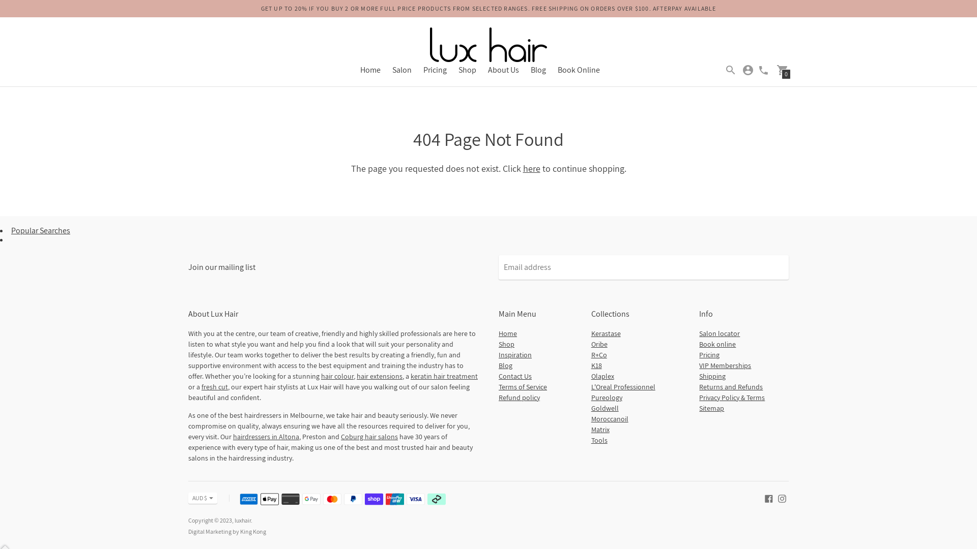 The height and width of the screenshot is (549, 977). Describe the element at coordinates (719, 333) in the screenshot. I see `'Salon locator'` at that location.